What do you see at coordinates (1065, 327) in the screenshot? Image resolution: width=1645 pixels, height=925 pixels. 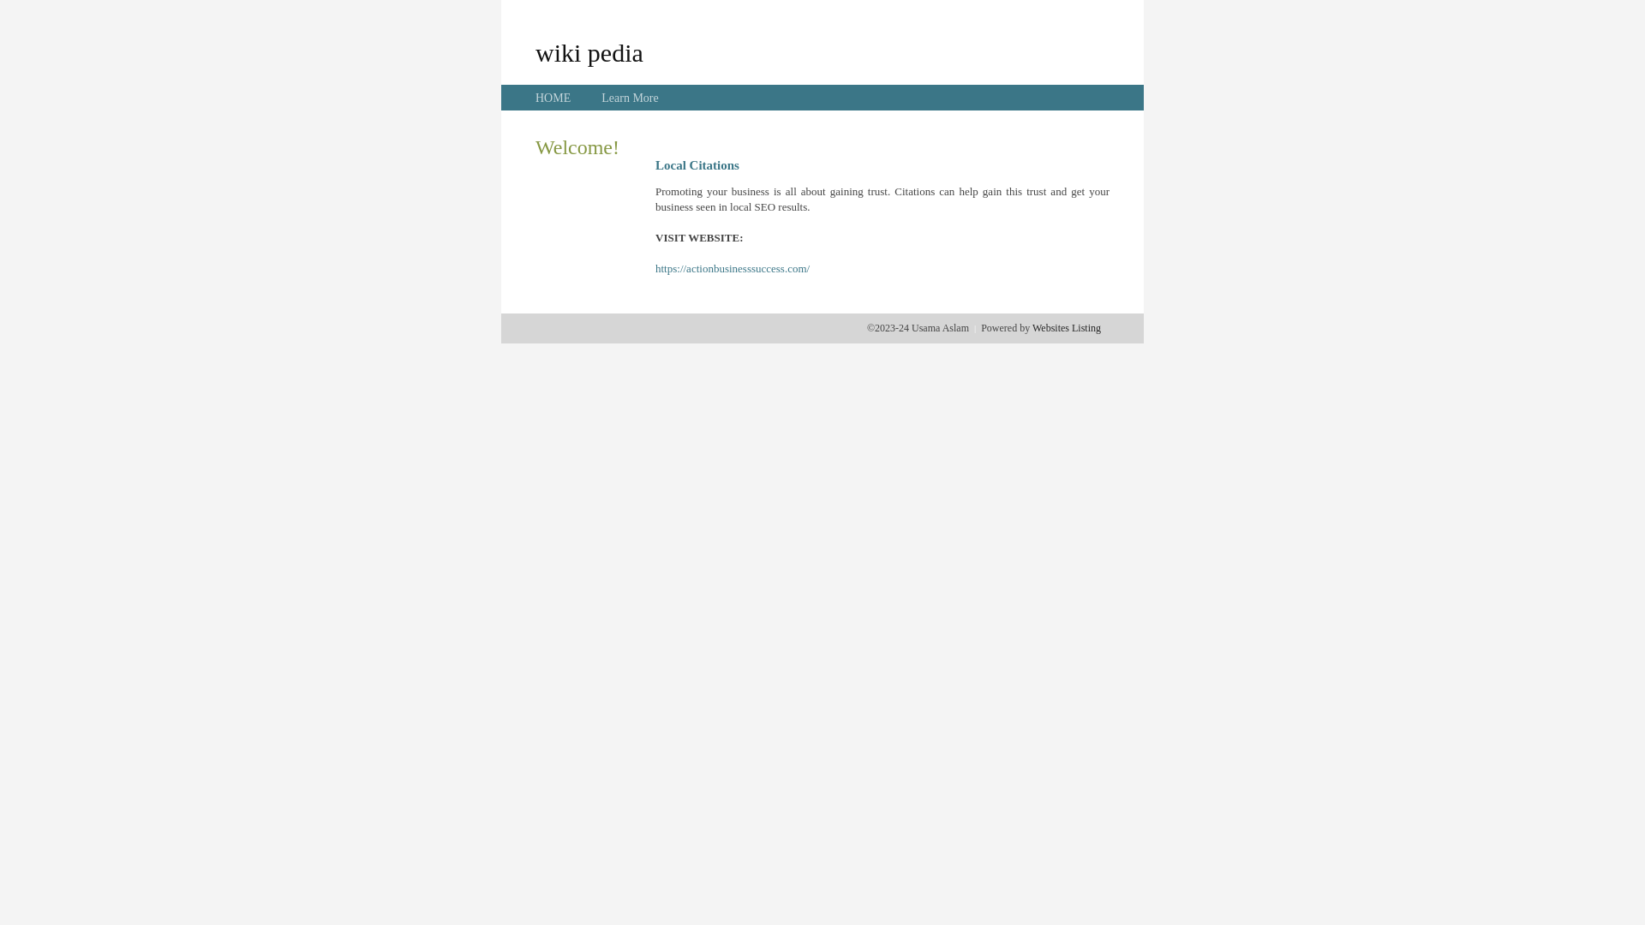 I see `'Websites Listing'` at bounding box center [1065, 327].